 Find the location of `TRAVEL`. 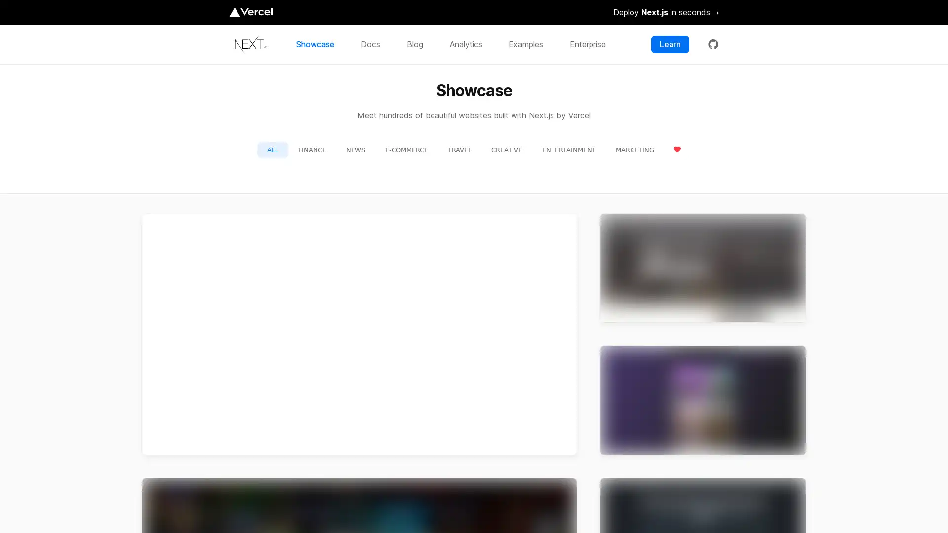

TRAVEL is located at coordinates (459, 150).